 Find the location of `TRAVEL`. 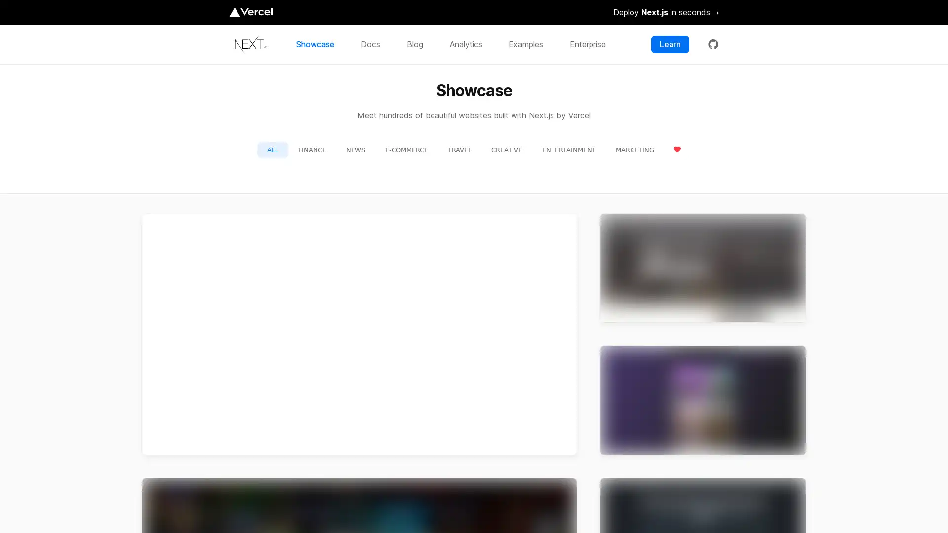

TRAVEL is located at coordinates (459, 150).